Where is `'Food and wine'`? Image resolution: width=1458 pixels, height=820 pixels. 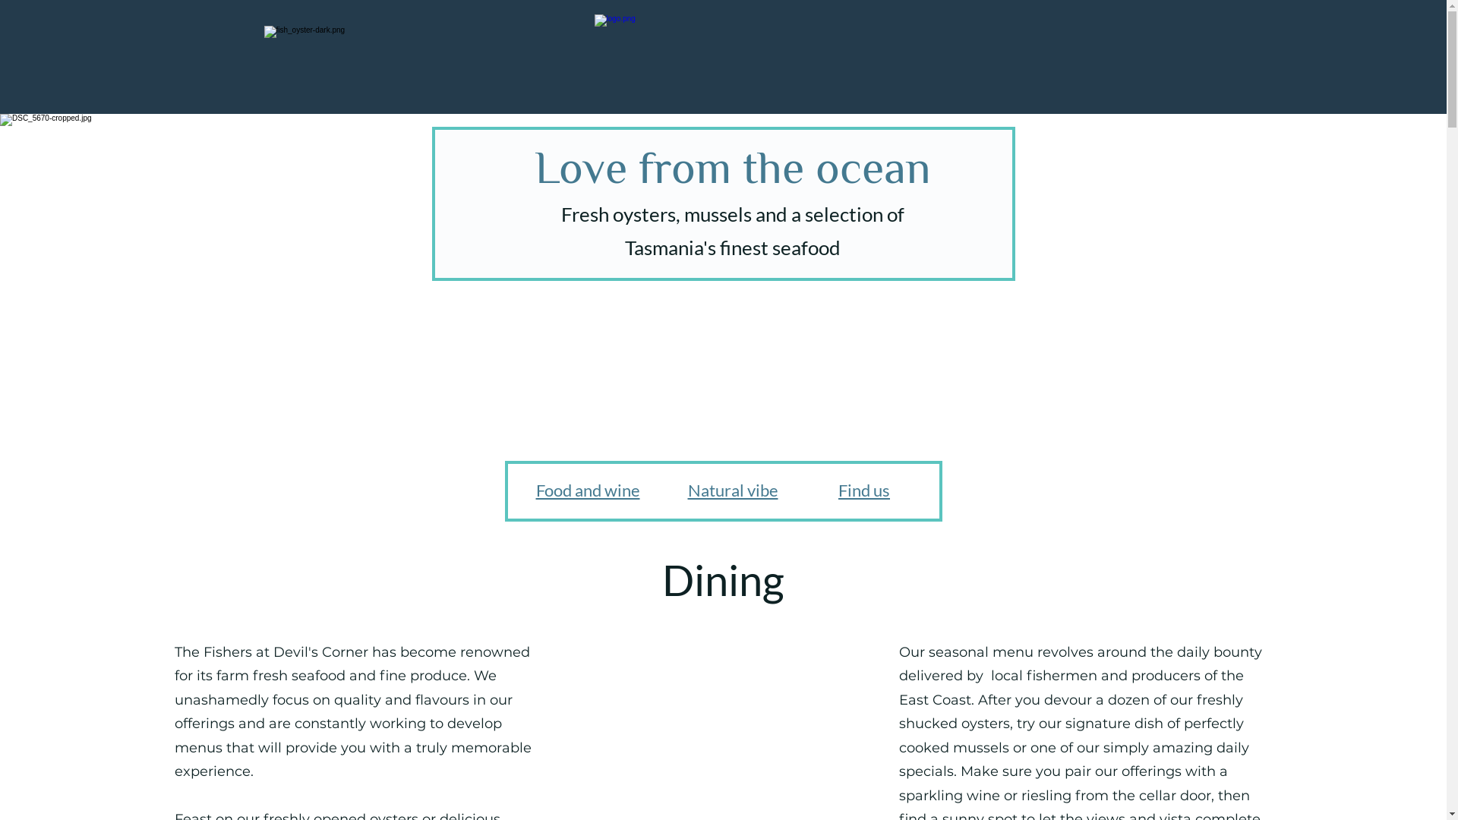 'Food and wine' is located at coordinates (535, 490).